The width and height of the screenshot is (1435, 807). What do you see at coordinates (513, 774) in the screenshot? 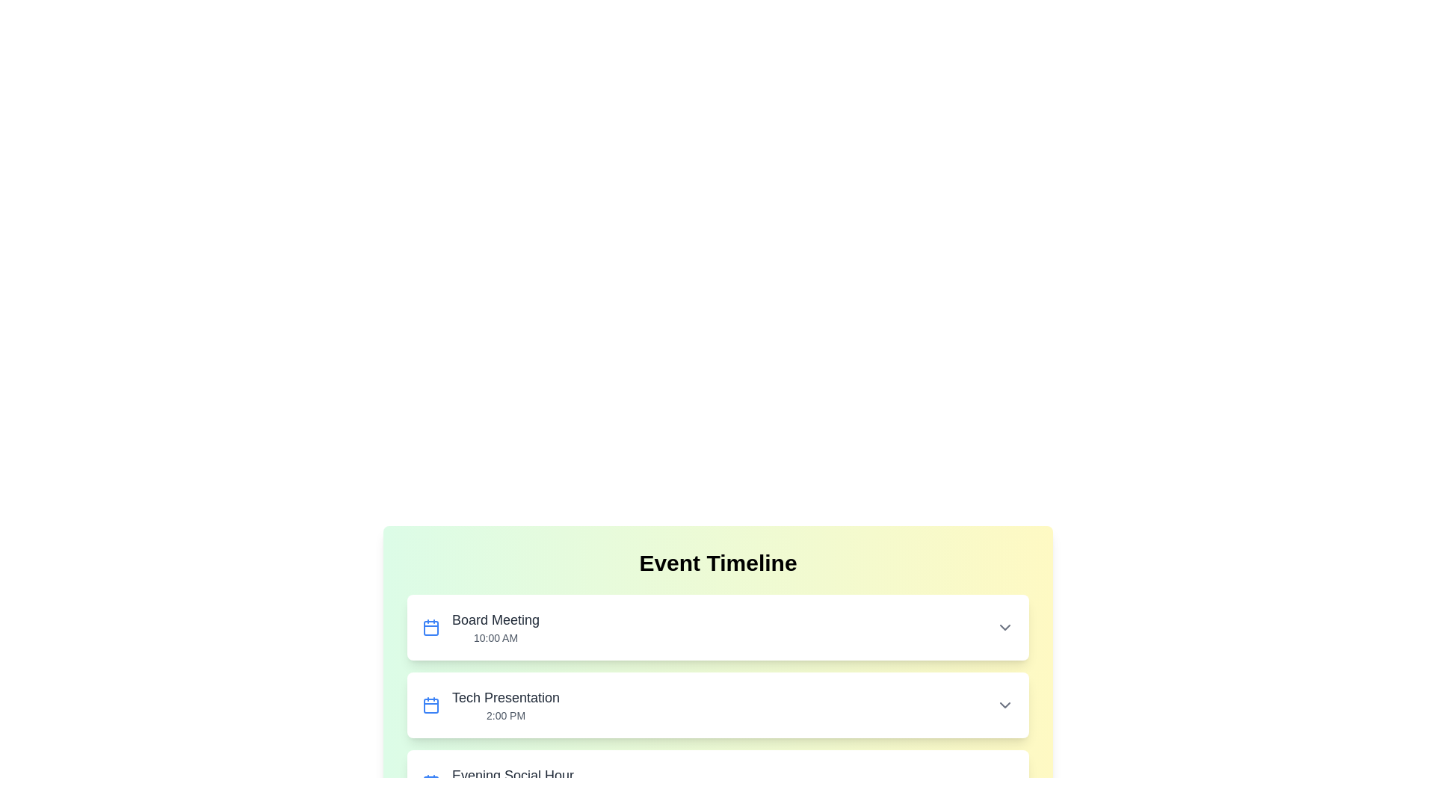
I see `the text label indicating the title of the third event in the Event Timeline, which is positioned below 'Tech Presentation' and above '5:00 PM'` at bounding box center [513, 774].